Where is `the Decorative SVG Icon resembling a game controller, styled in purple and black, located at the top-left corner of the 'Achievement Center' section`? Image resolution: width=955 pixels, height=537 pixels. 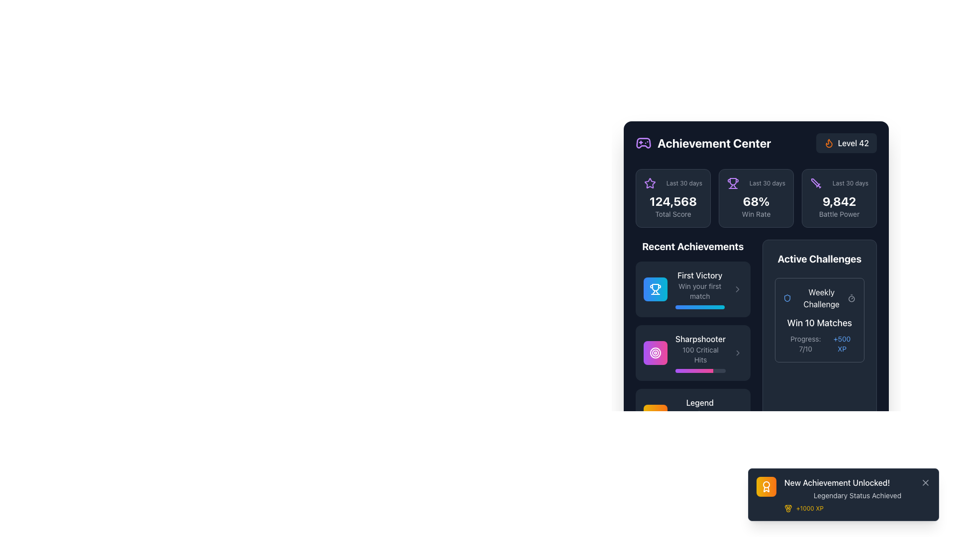
the Decorative SVG Icon resembling a game controller, styled in purple and black, located at the top-left corner of the 'Achievement Center' section is located at coordinates (644, 143).